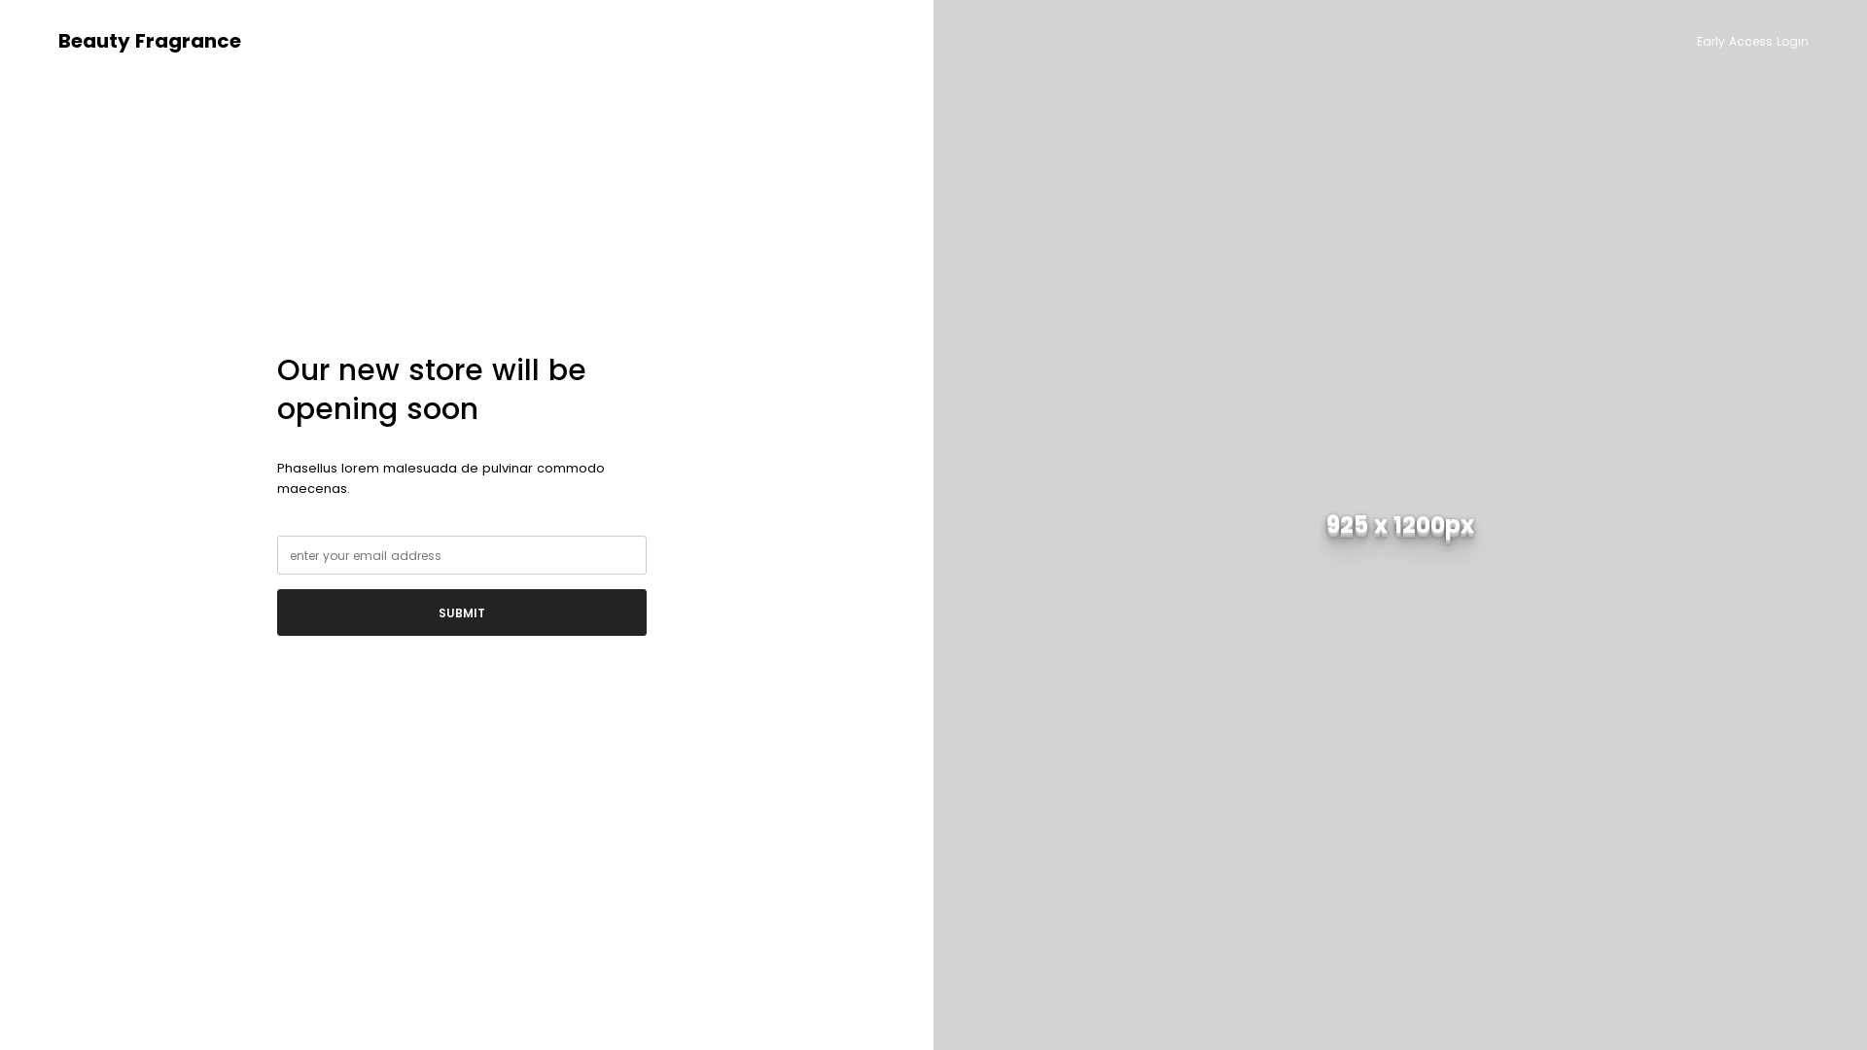  I want to click on 'Beauty Fragrance', so click(57, 41).